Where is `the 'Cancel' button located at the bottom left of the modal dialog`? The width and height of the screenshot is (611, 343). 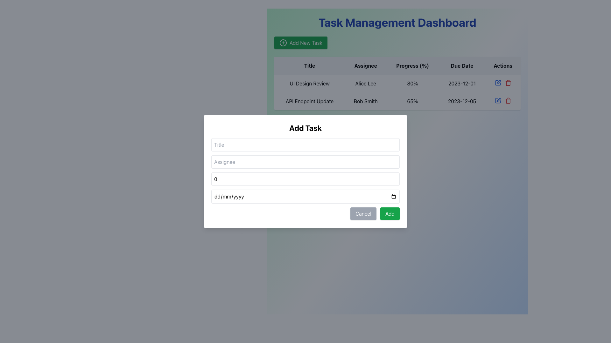 the 'Cancel' button located at the bottom left of the modal dialog is located at coordinates (363, 213).